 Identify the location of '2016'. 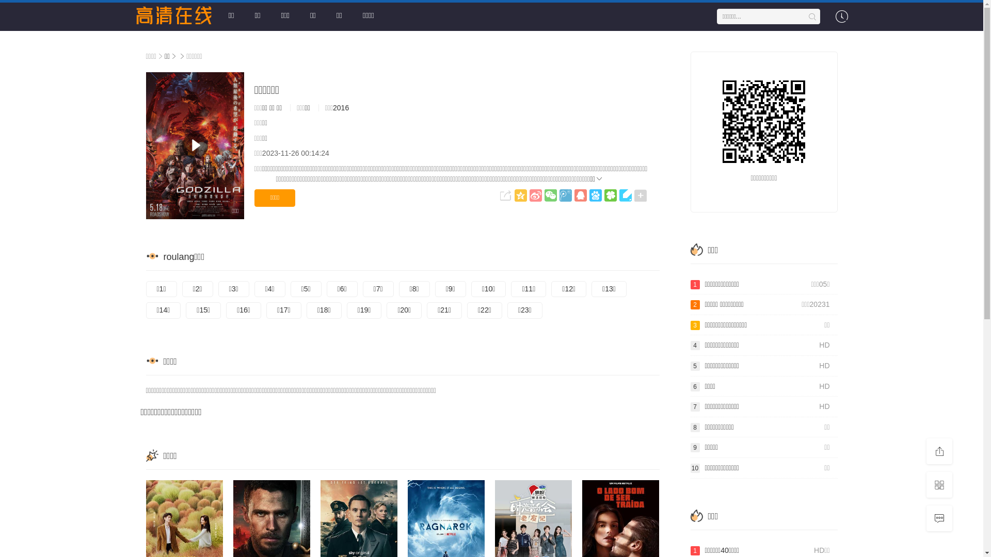
(341, 107).